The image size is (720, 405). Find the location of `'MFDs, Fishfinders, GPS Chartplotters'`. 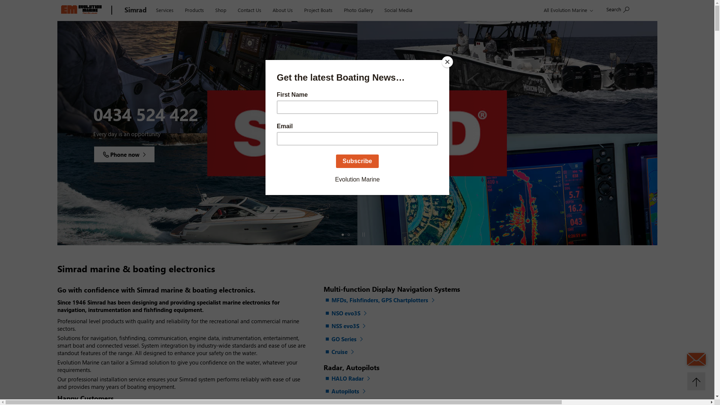

'MFDs, Fishfinders, GPS Chartplotters' is located at coordinates (324, 300).